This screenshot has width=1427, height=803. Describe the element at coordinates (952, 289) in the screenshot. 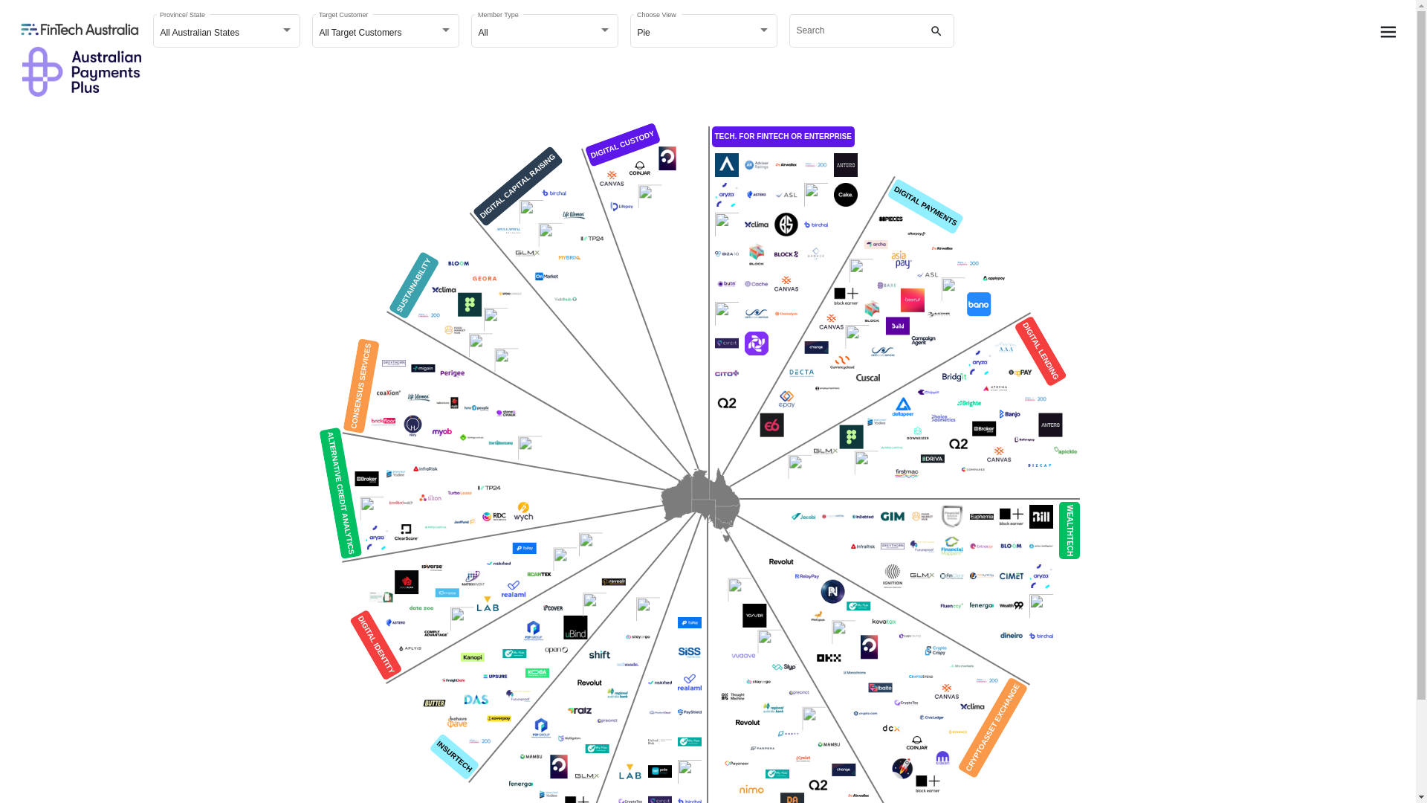

I see `'Azupay Trading Pty Ltd'` at that location.